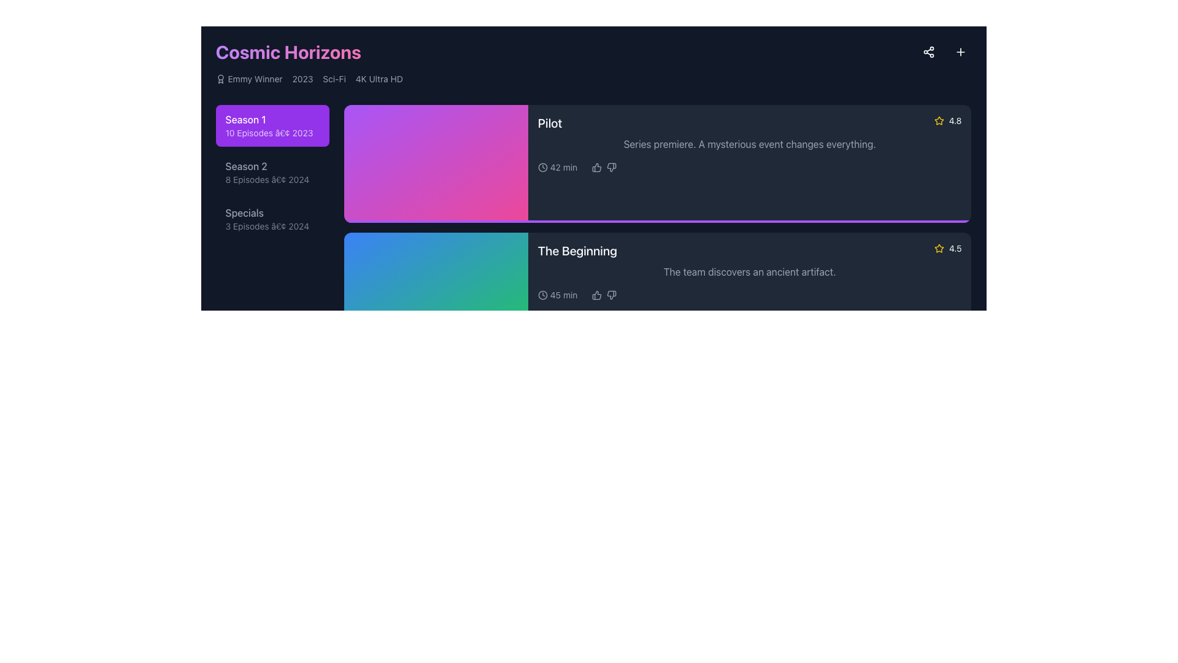  Describe the element at coordinates (272, 125) in the screenshot. I see `the selection button for Season 1, which is the topmost item in the vertical list of season buttons located in the upper left region of the content area` at that location.